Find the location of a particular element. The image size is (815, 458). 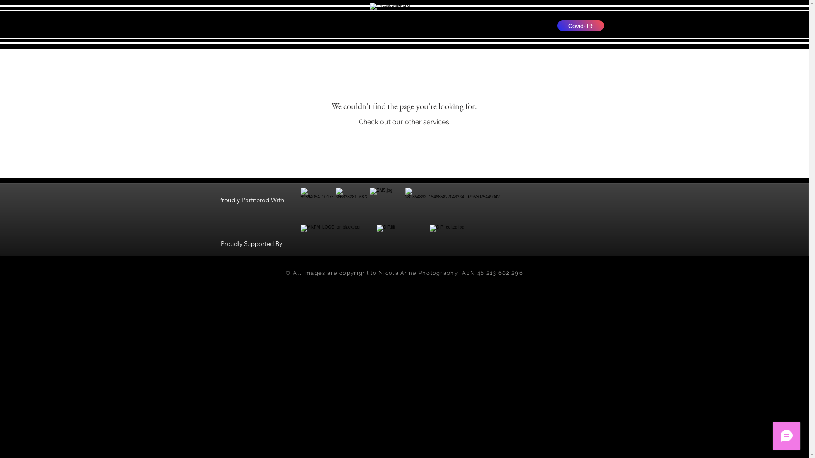

'Covid-19' is located at coordinates (580, 25).